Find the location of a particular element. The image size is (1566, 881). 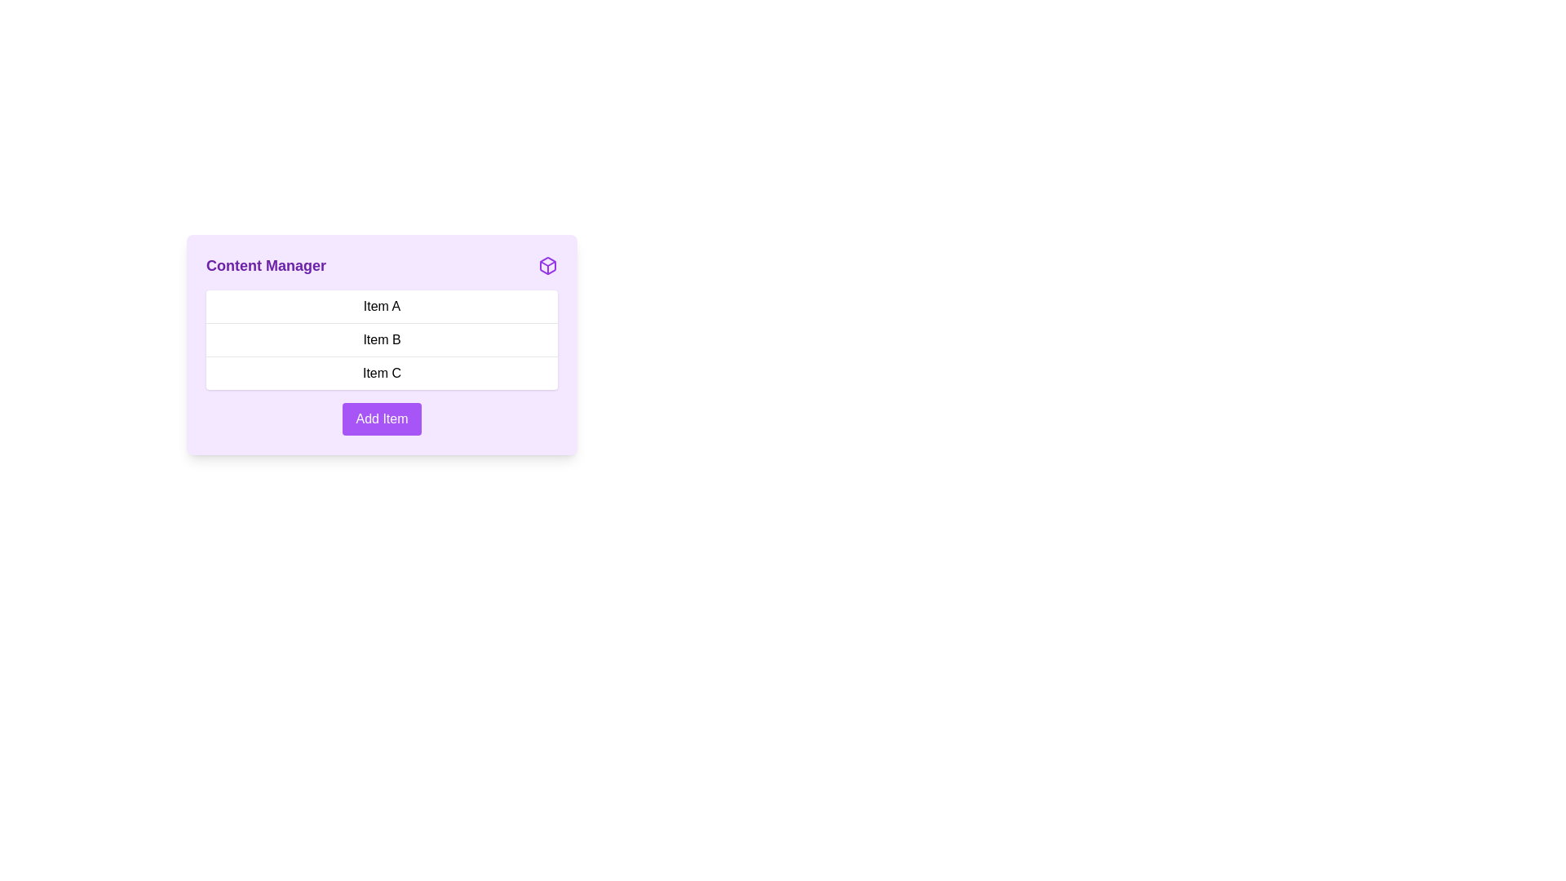

the list items in the 'Content Manager' section, which has a purple header and contains labeled items ('Item A', 'Item B', 'Item C') and an 'Add Item' button is located at coordinates (381, 419).